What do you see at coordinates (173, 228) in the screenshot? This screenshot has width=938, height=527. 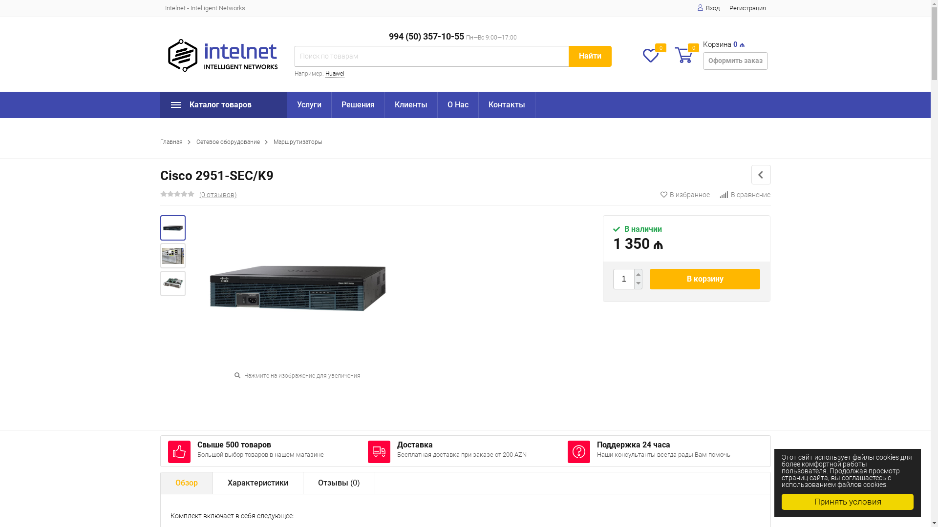 I see `'Cisco 2951-SEC/K9'` at bounding box center [173, 228].